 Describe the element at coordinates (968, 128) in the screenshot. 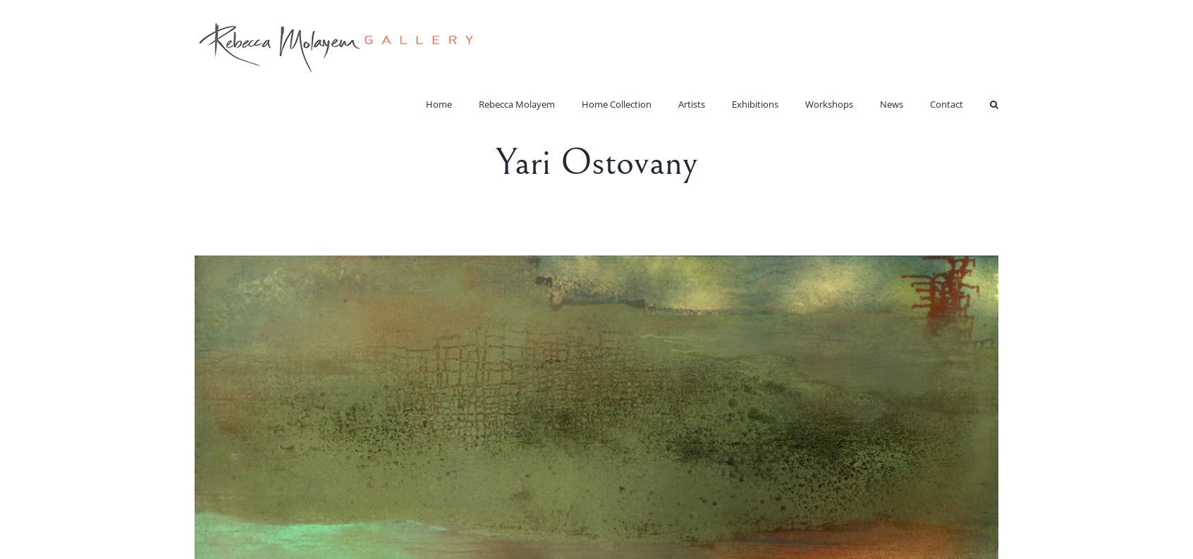

I see `'Gallery Info'` at that location.